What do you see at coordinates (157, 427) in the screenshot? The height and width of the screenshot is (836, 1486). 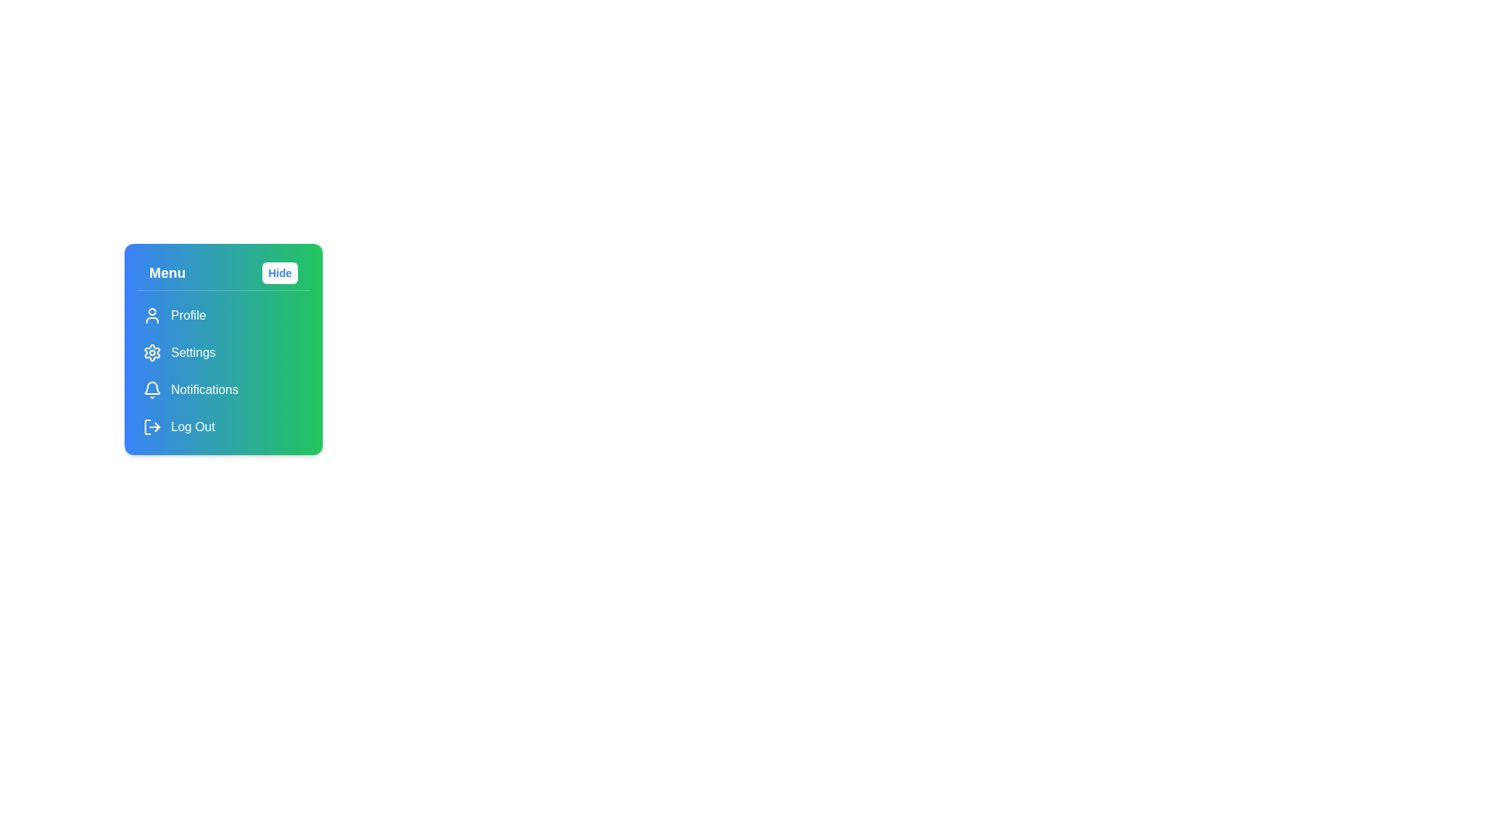 I see `the logout arrowhead icon located at the bottom of the menu, which is part of an SVG graphic representing the logout process` at bounding box center [157, 427].